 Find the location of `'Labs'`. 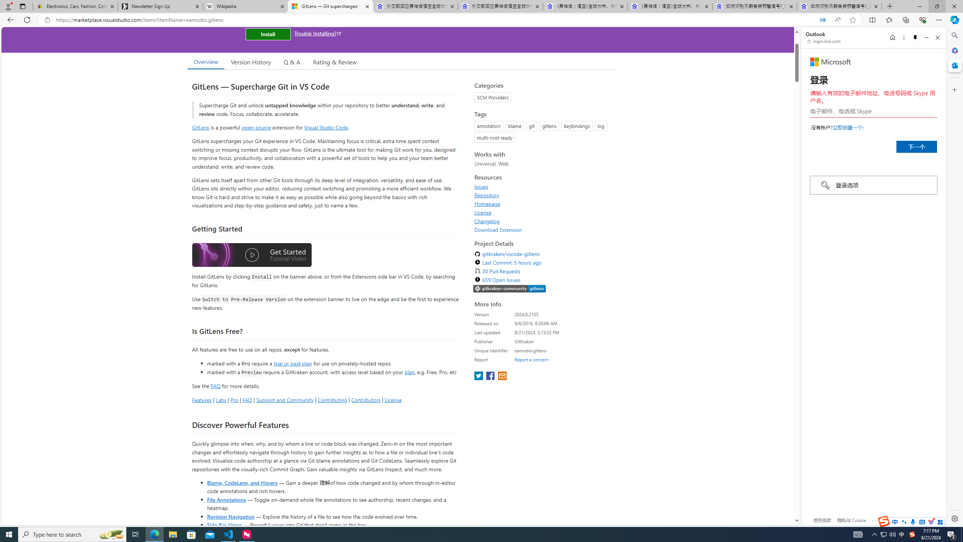

'Labs' is located at coordinates (221, 399).